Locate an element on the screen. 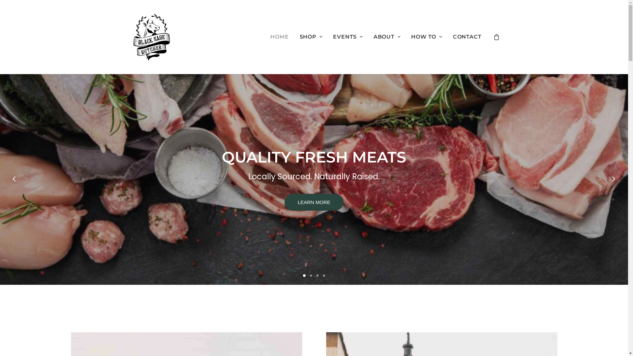 The height and width of the screenshot is (356, 633). 'ABOUT' is located at coordinates (387, 37).